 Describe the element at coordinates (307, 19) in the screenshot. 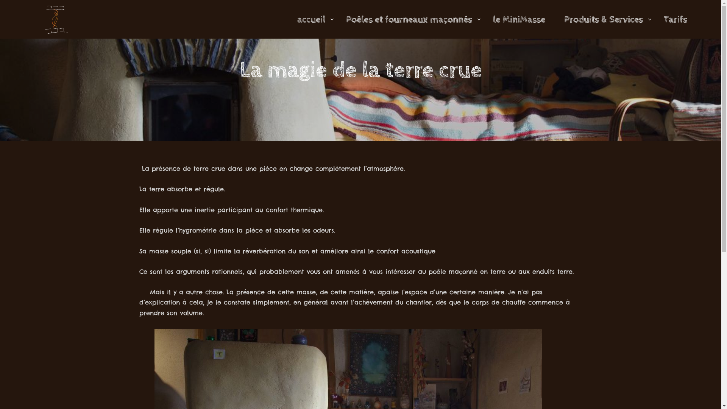

I see `'accueil'` at that location.